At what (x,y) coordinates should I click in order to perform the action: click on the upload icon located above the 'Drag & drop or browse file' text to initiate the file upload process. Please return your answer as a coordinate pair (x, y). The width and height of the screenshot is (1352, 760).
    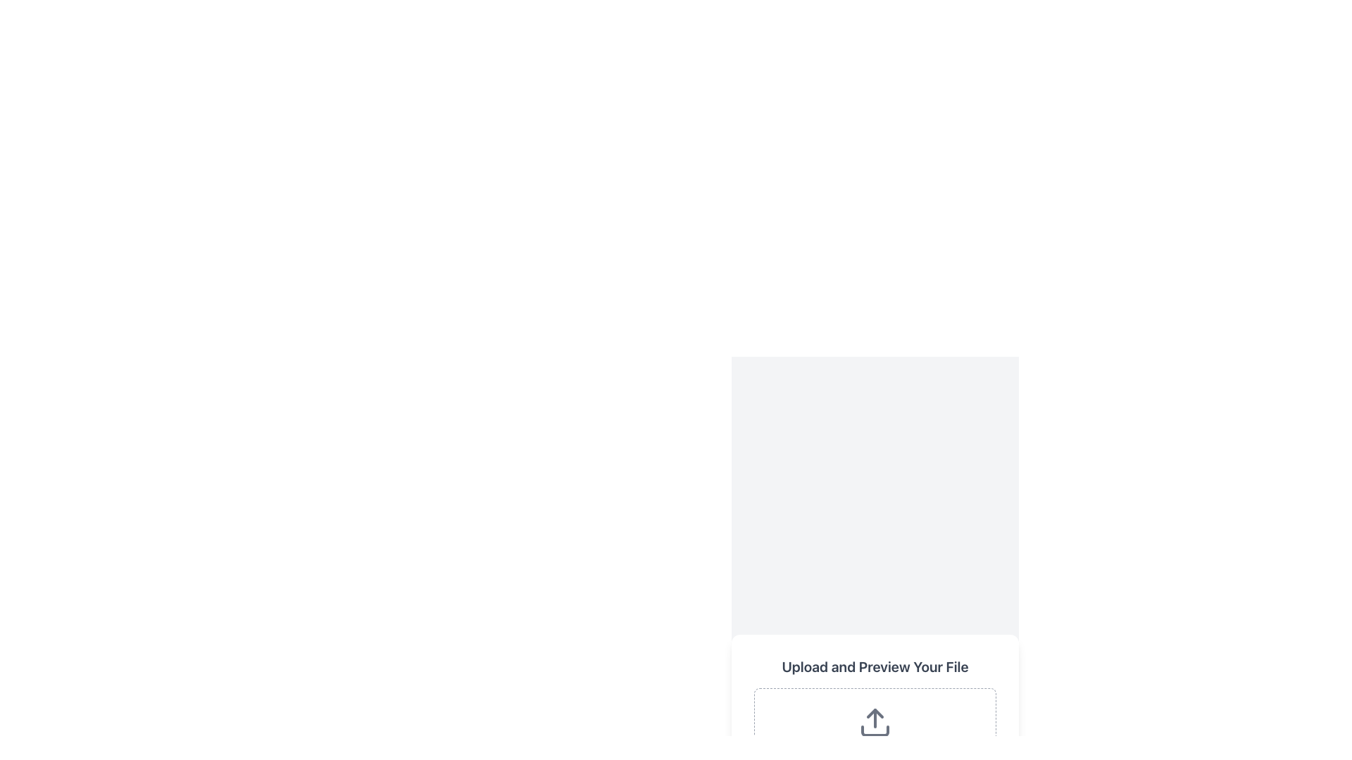
    Looking at the image, I should click on (875, 722).